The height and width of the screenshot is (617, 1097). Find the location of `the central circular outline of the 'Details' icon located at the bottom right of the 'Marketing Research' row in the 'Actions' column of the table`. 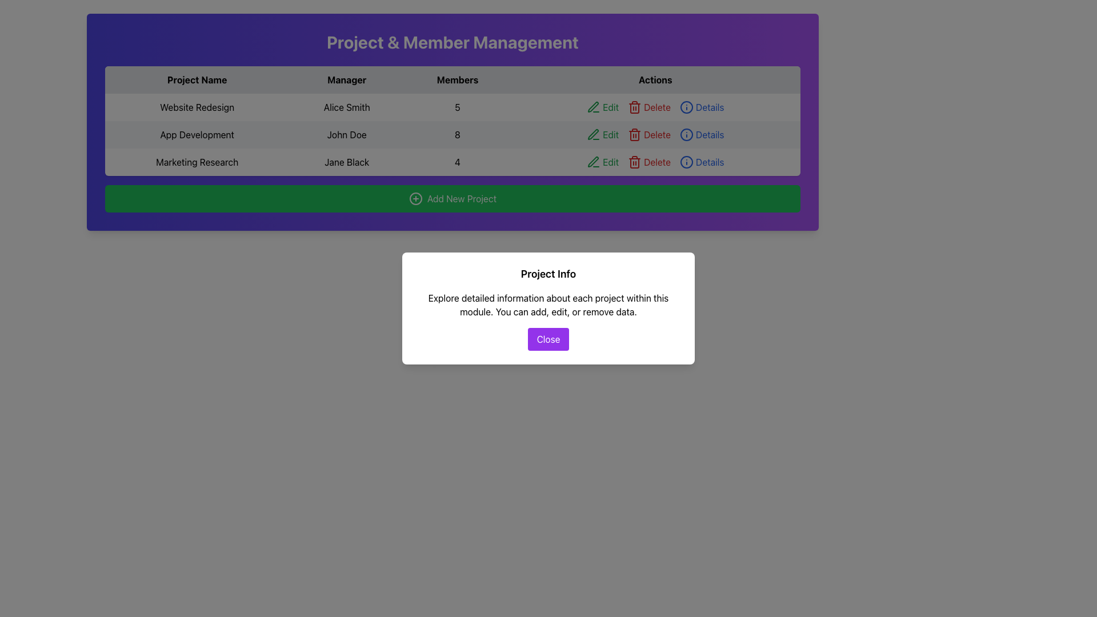

the central circular outline of the 'Details' icon located at the bottom right of the 'Marketing Research' row in the 'Actions' column of the table is located at coordinates (686, 162).